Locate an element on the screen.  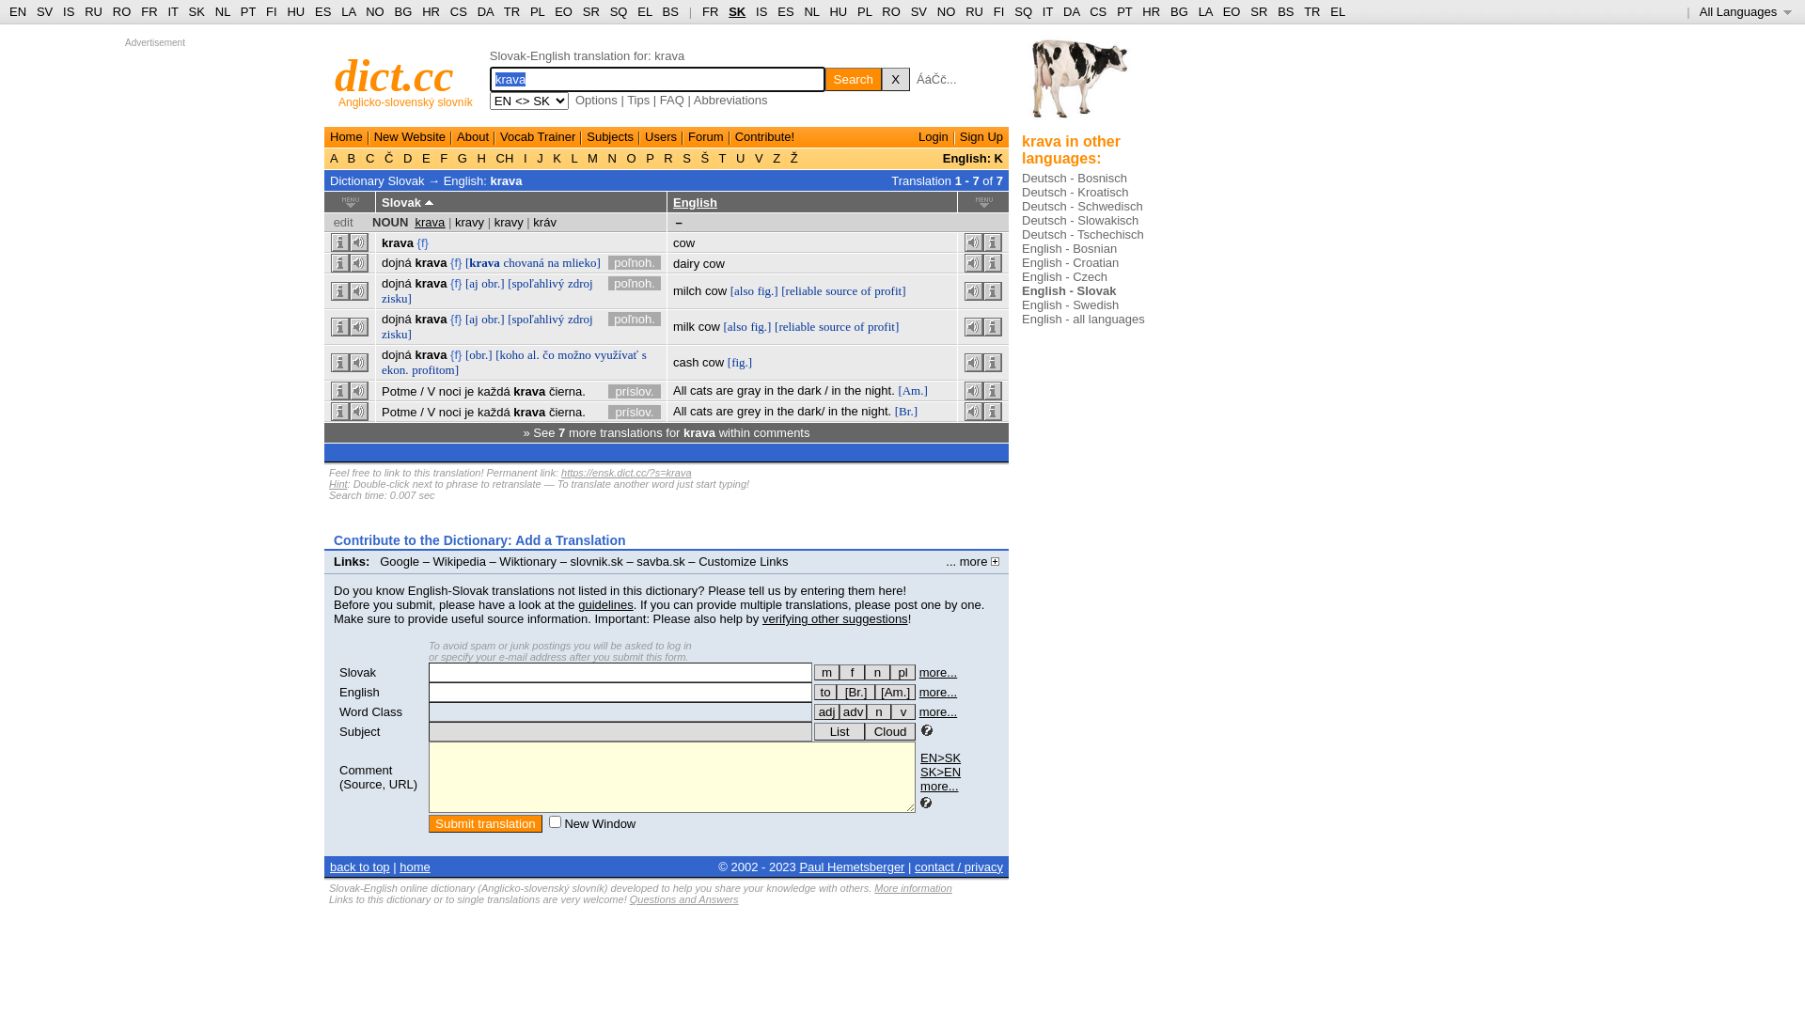
'are' is located at coordinates (724, 389).